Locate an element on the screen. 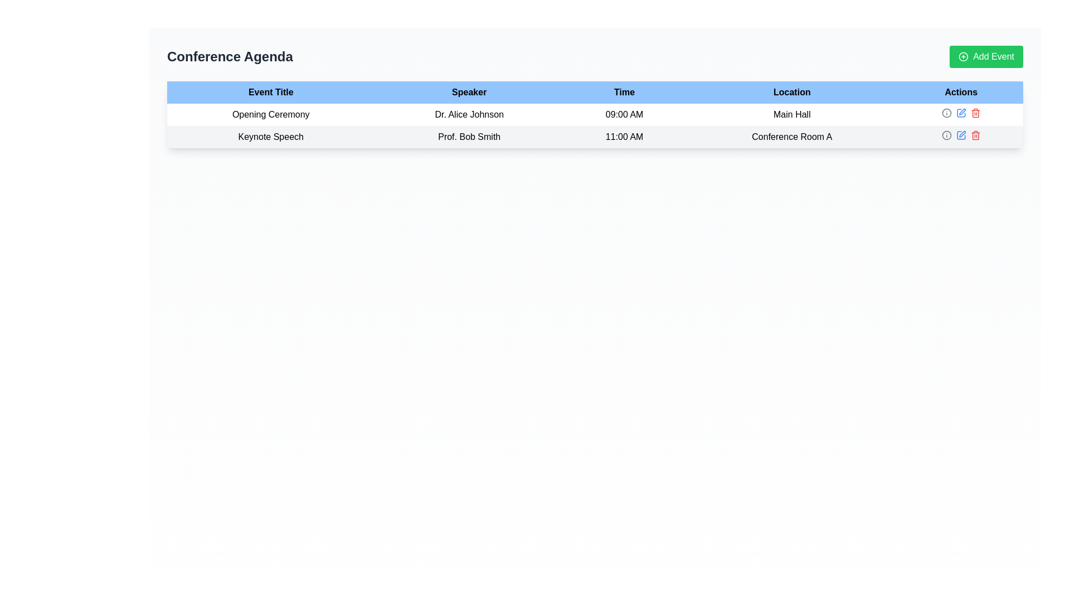 The height and width of the screenshot is (602, 1070). the circular icon with a '+' symbol is located at coordinates (963, 56).